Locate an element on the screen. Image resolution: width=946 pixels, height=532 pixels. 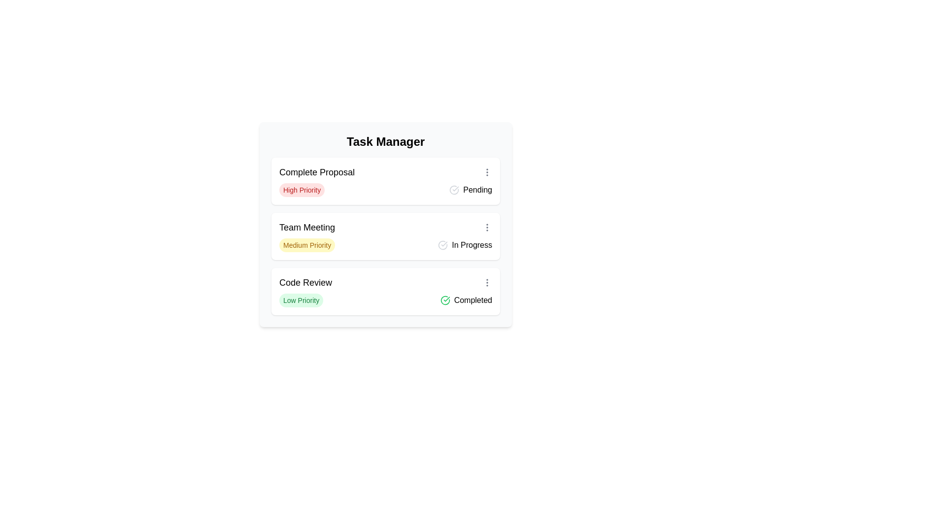
the green circular confirmation icon with a checkmark located in the 'Code Review' task entry, next to the 'Completed' label is located at coordinates (444, 299).